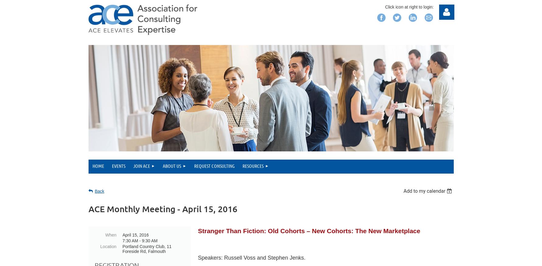 The height and width of the screenshot is (266, 542). Describe the element at coordinates (110, 234) in the screenshot. I see `'When'` at that location.